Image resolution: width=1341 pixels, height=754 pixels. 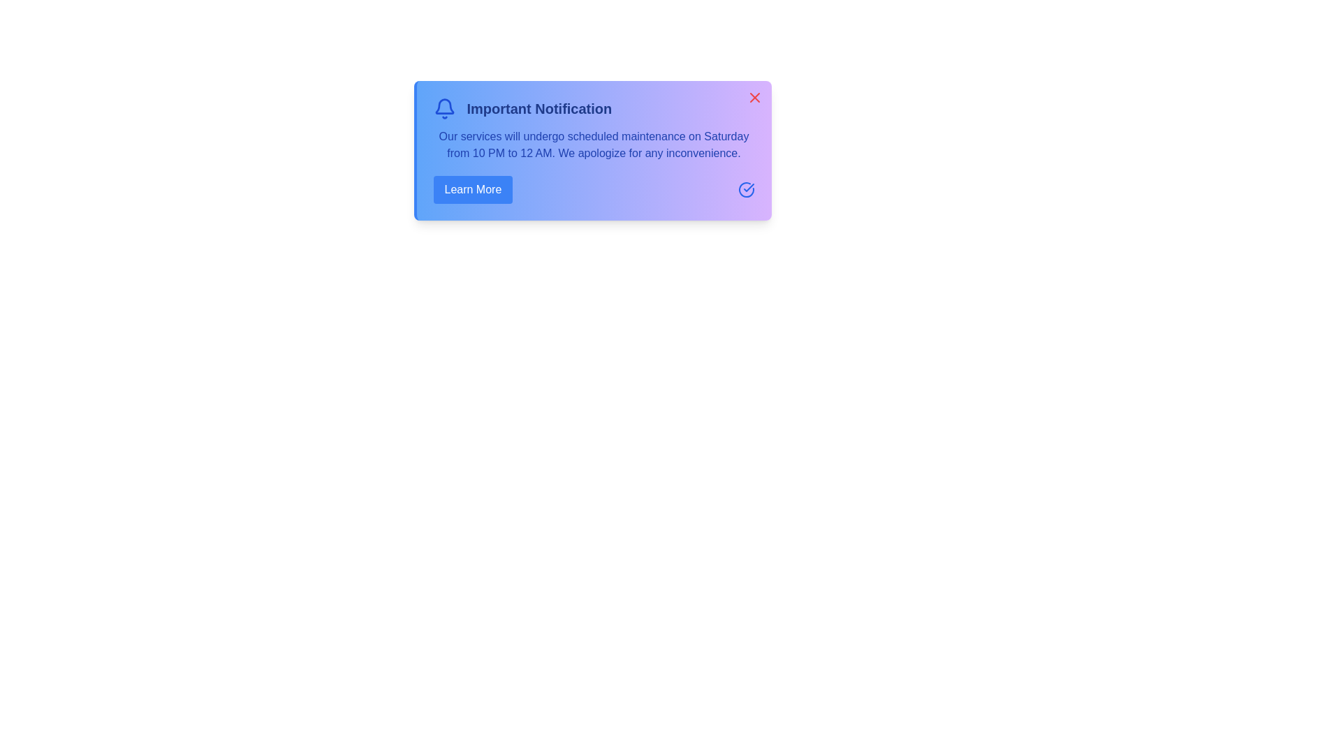 What do you see at coordinates (745, 190) in the screenshot?
I see `the notification acknowledgment icon to display its description` at bounding box center [745, 190].